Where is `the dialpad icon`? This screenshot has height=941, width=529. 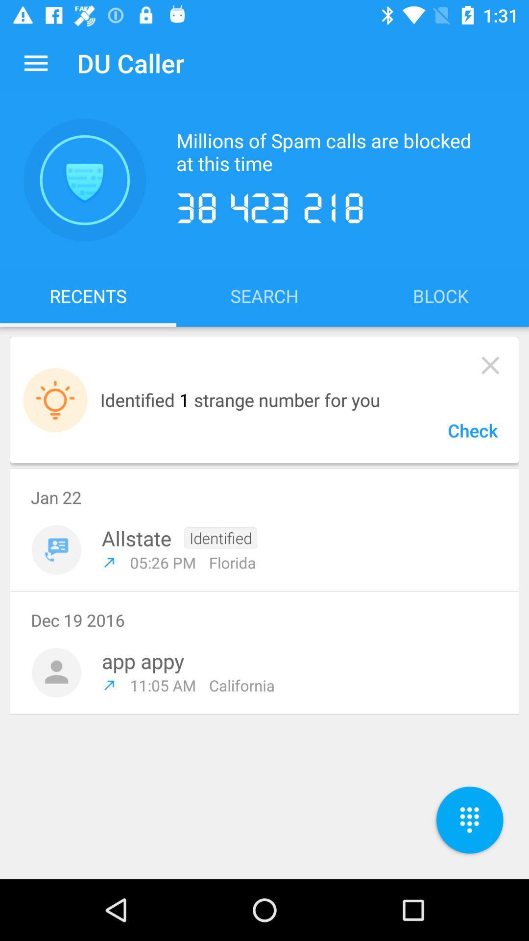
the dialpad icon is located at coordinates (469, 820).